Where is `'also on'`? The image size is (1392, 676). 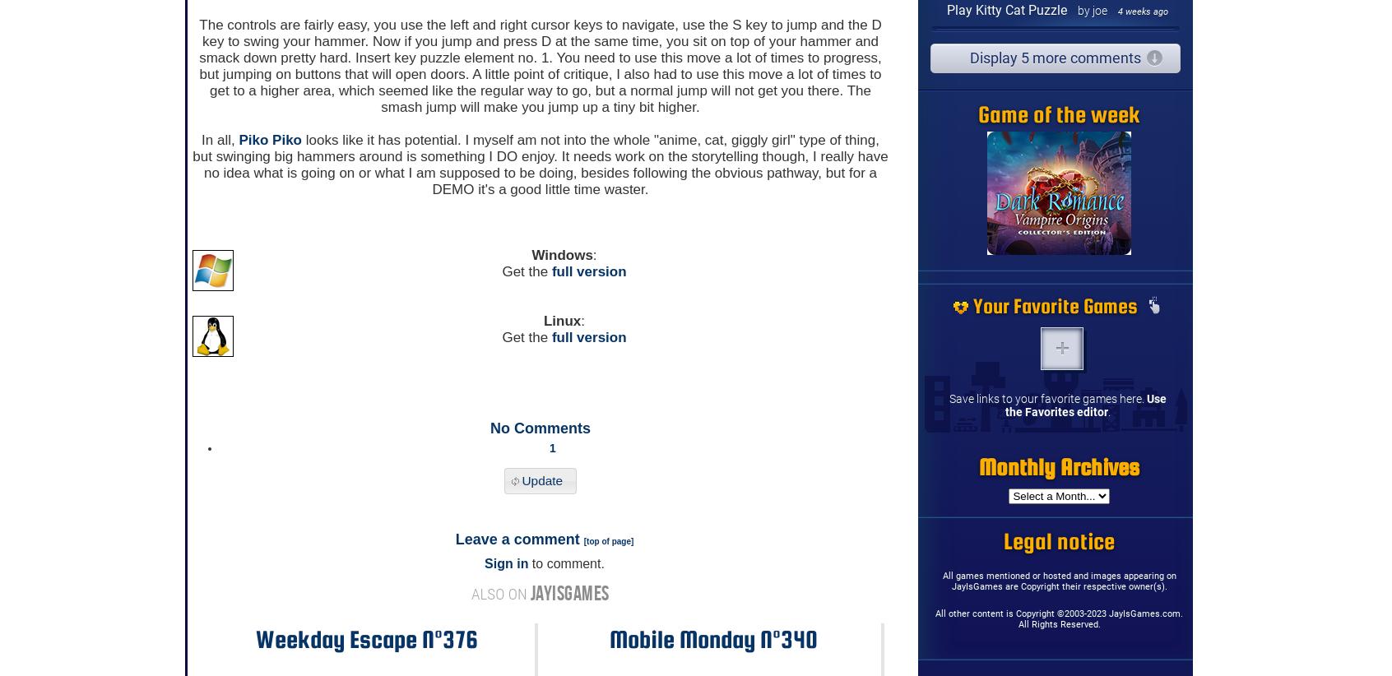
'also on' is located at coordinates (499, 594).